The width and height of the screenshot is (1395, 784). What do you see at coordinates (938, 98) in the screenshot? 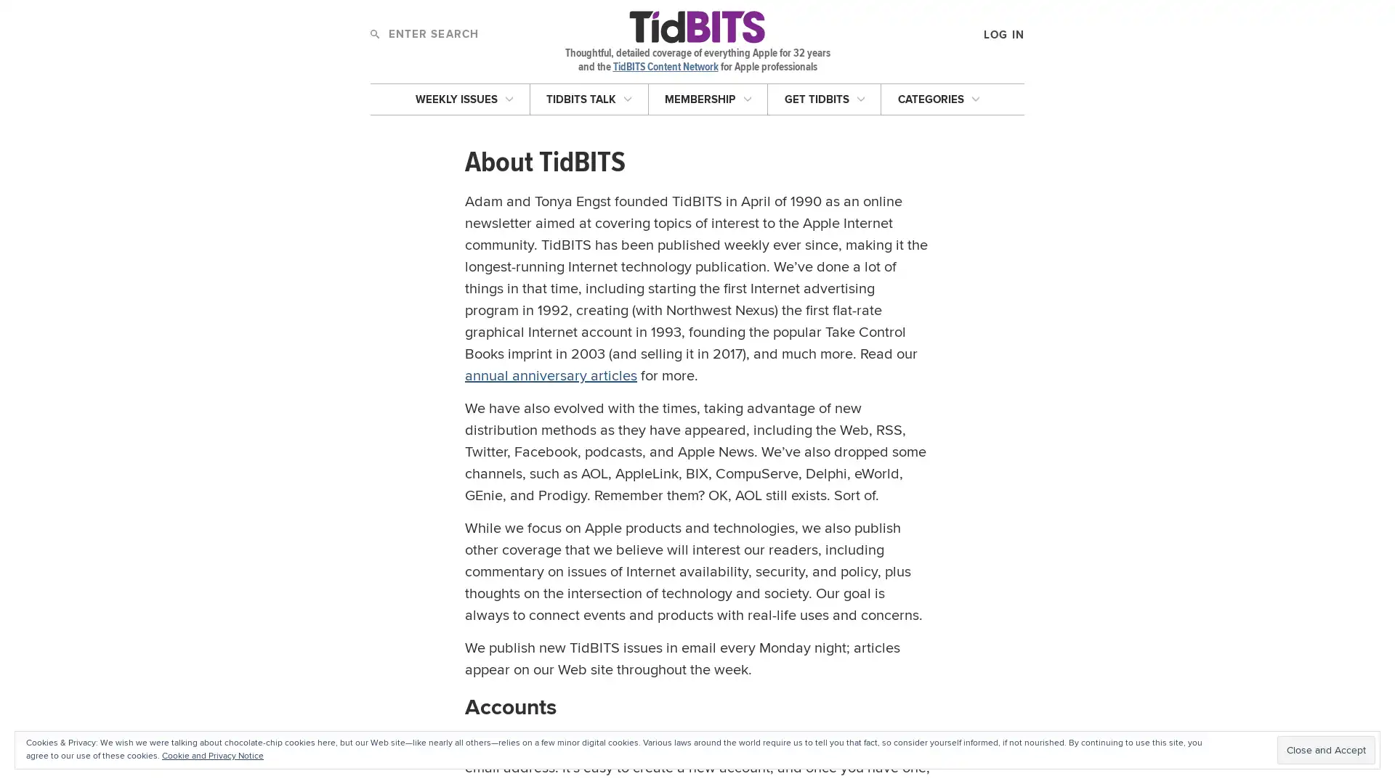
I see `CATEGORIES` at bounding box center [938, 98].